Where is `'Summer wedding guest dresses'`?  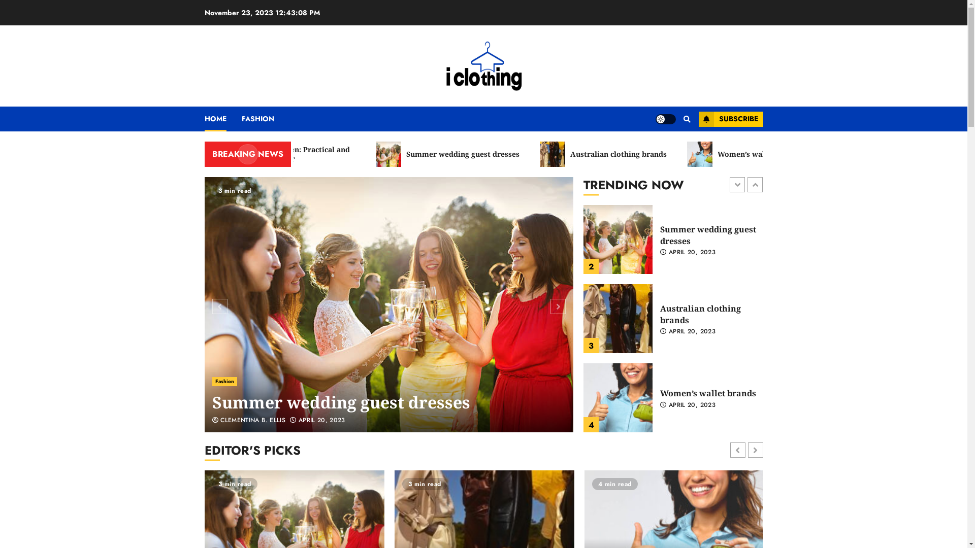
'Summer wedding guest dresses' is located at coordinates (707, 314).